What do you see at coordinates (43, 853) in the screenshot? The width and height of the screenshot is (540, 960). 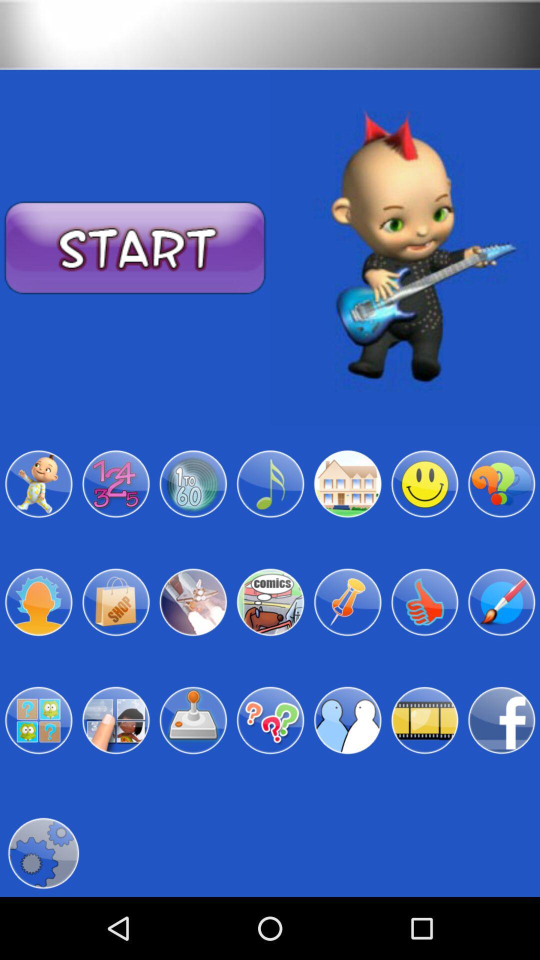 I see `tap setting` at bounding box center [43, 853].